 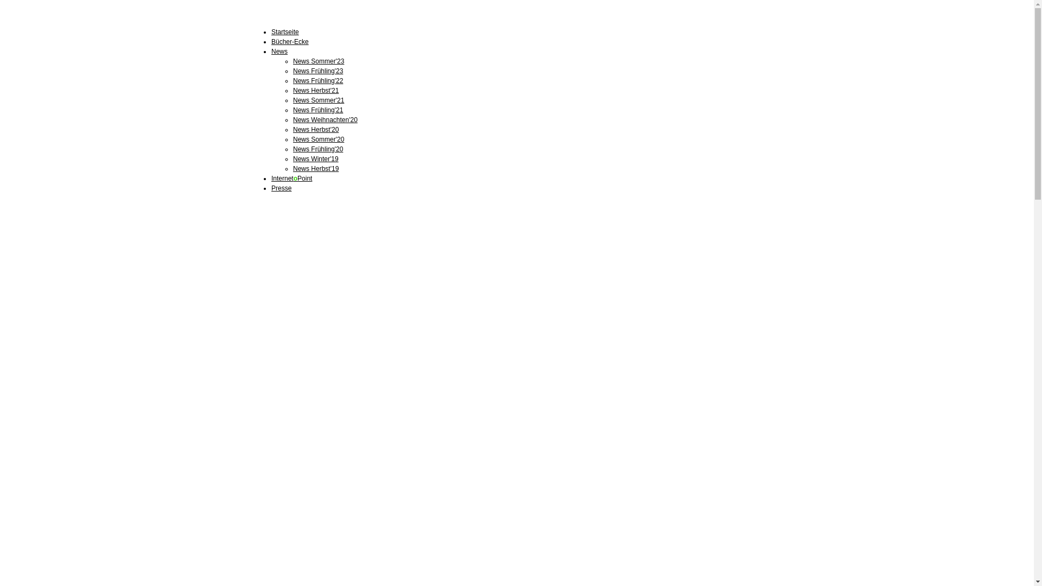 What do you see at coordinates (317, 61) in the screenshot?
I see `'News Sommer'23'` at bounding box center [317, 61].